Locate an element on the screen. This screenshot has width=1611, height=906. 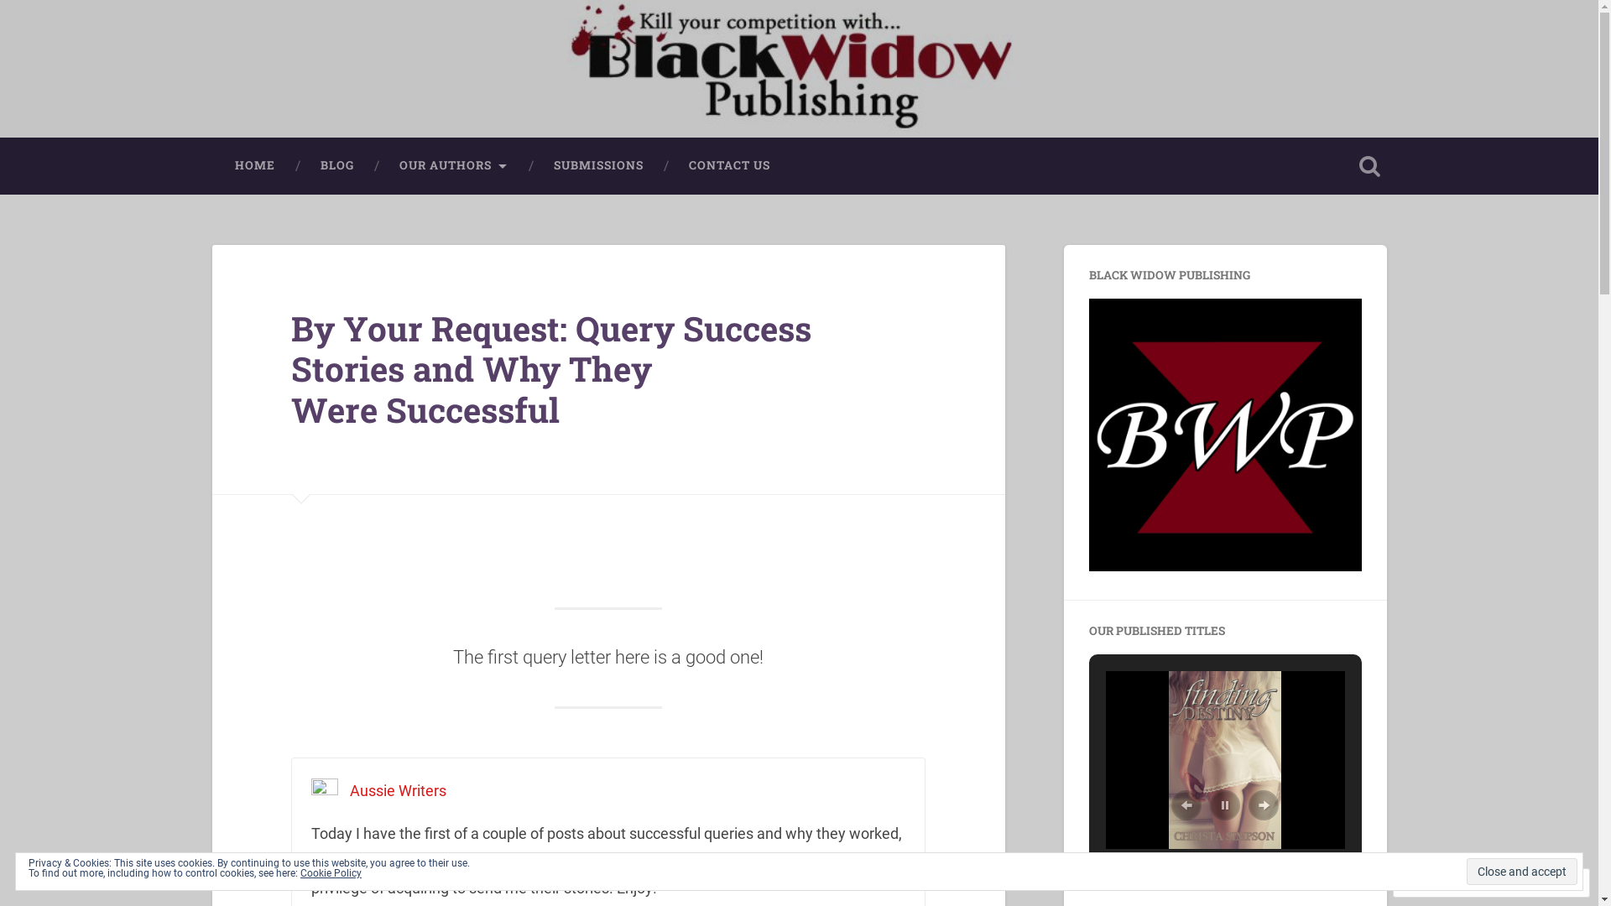
'Close and accept' is located at coordinates (1465, 870).